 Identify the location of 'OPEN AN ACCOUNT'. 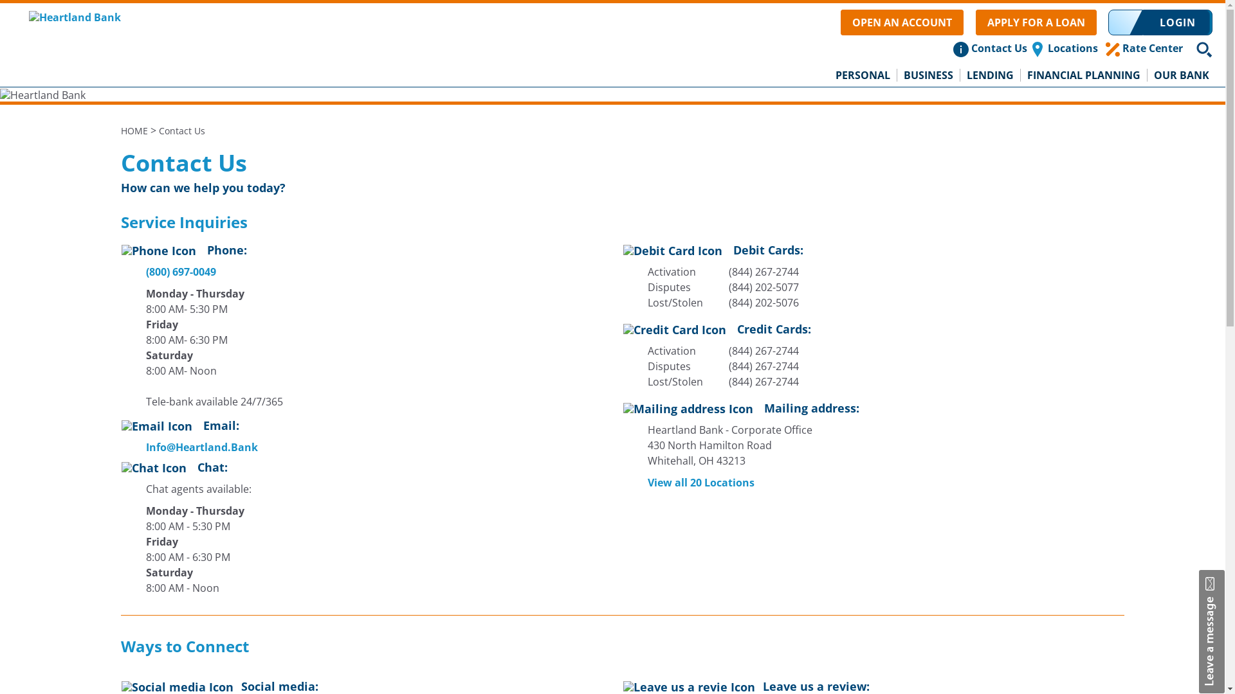
(840, 22).